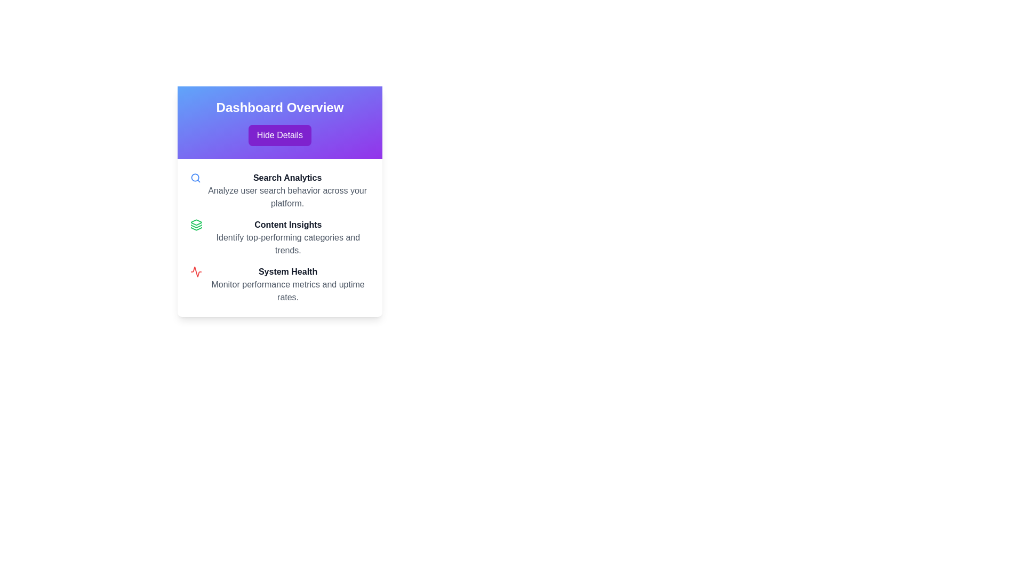  What do you see at coordinates (196, 224) in the screenshot?
I see `the green-colored stacked layers icon that is positioned directly to the left of the 'Content Insights' title text` at bounding box center [196, 224].